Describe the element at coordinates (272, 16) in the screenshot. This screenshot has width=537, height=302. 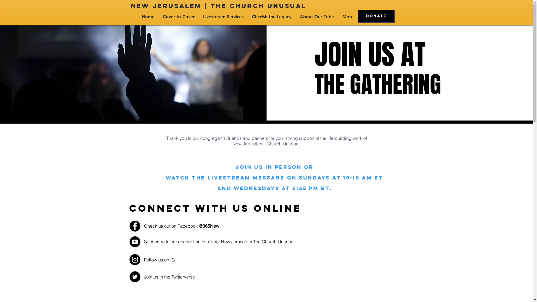
I see `'Cherish the Legacy'` at that location.